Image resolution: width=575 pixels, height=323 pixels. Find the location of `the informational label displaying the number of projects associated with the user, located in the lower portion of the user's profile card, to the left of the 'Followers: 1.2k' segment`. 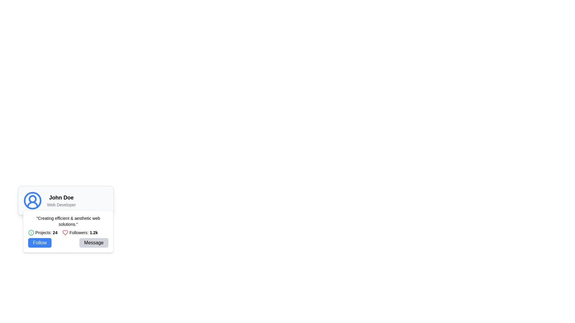

the informational label displaying the number of projects associated with the user, located in the lower portion of the user's profile card, to the left of the 'Followers: 1.2k' segment is located at coordinates (43, 232).